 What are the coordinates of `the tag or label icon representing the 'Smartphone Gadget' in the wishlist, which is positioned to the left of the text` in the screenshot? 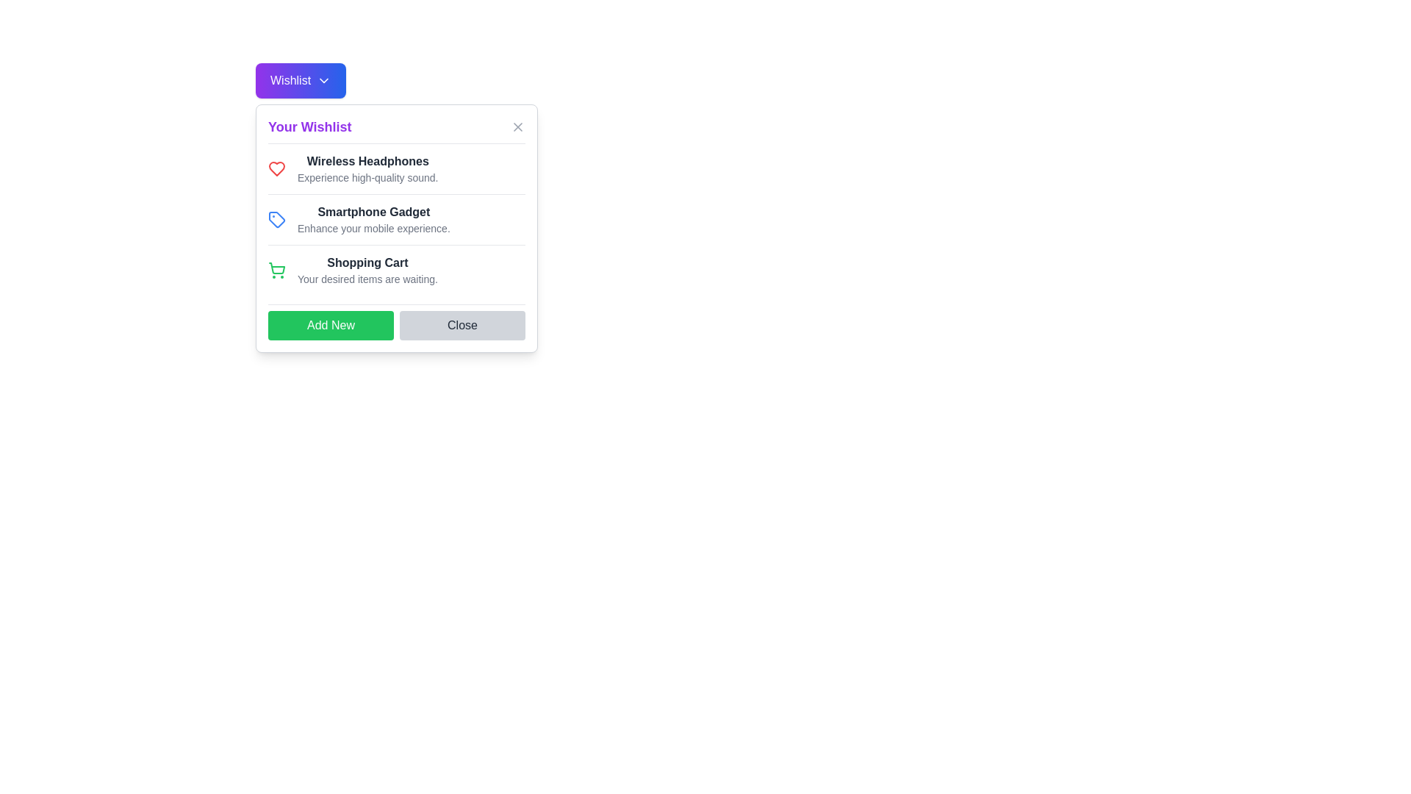 It's located at (277, 220).